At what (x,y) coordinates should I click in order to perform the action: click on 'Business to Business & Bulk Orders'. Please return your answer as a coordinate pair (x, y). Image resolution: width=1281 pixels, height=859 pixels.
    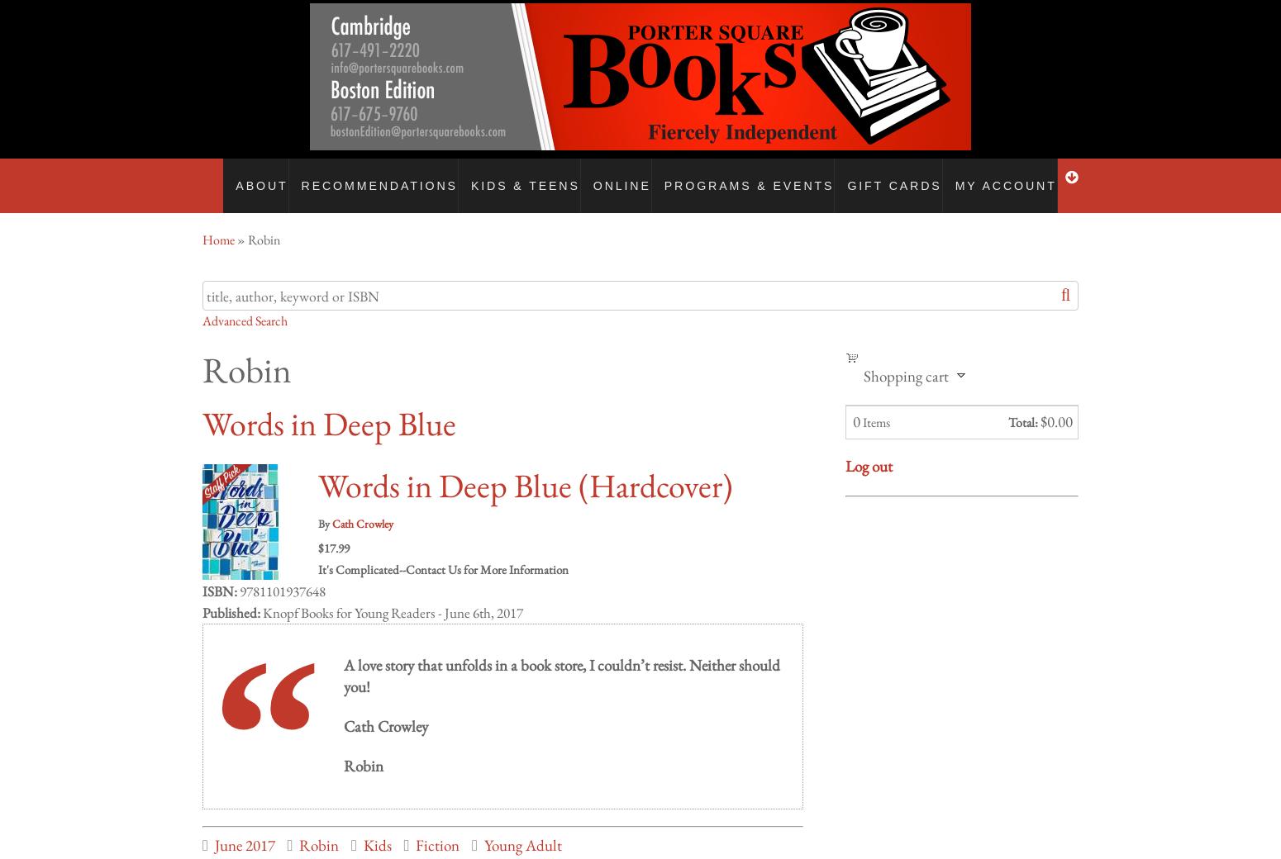
    Looking at the image, I should click on (357, 482).